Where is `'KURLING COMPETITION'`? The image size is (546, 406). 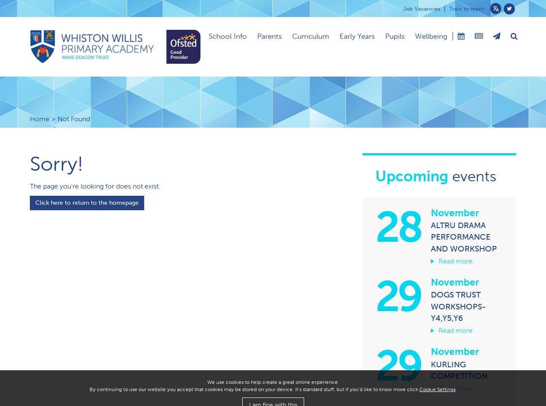
'KURLING COMPETITION' is located at coordinates (459, 369).